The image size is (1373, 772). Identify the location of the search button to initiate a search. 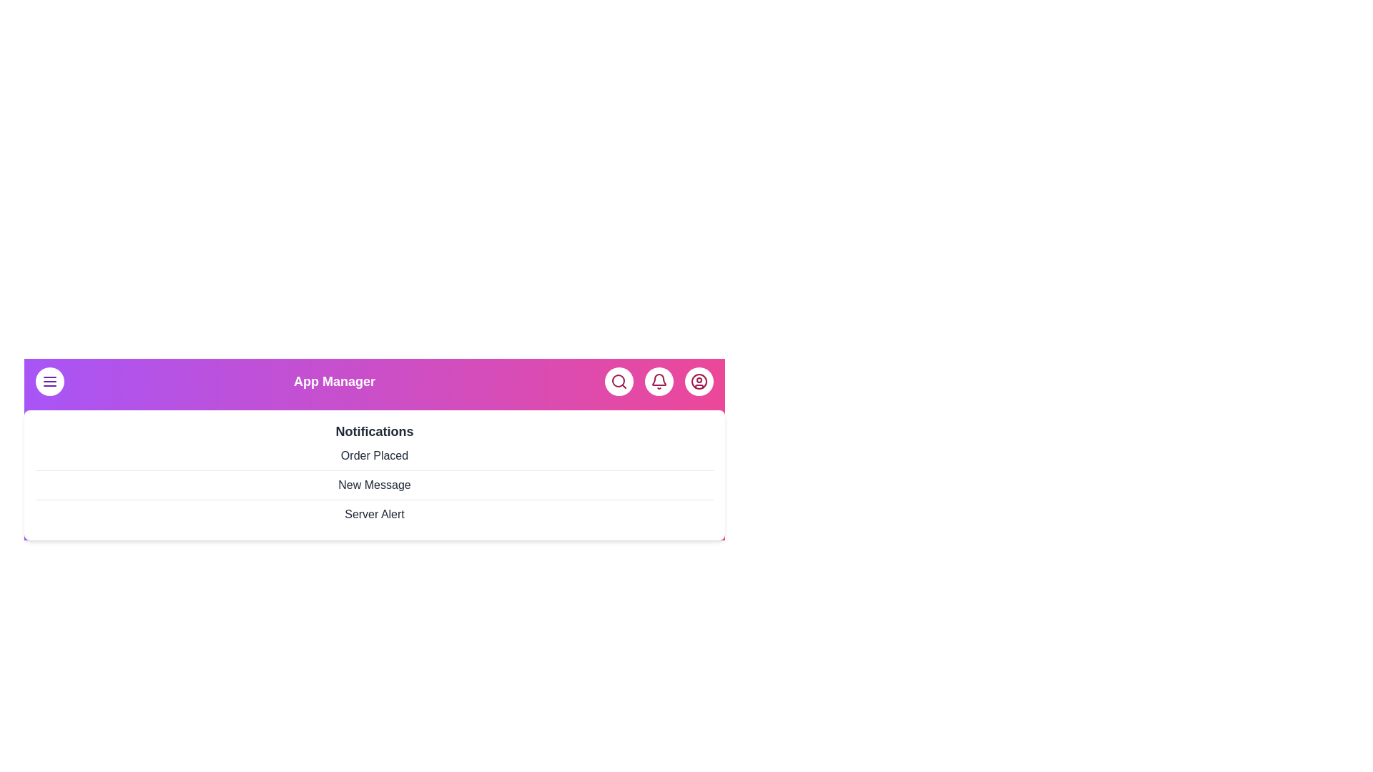
(619, 380).